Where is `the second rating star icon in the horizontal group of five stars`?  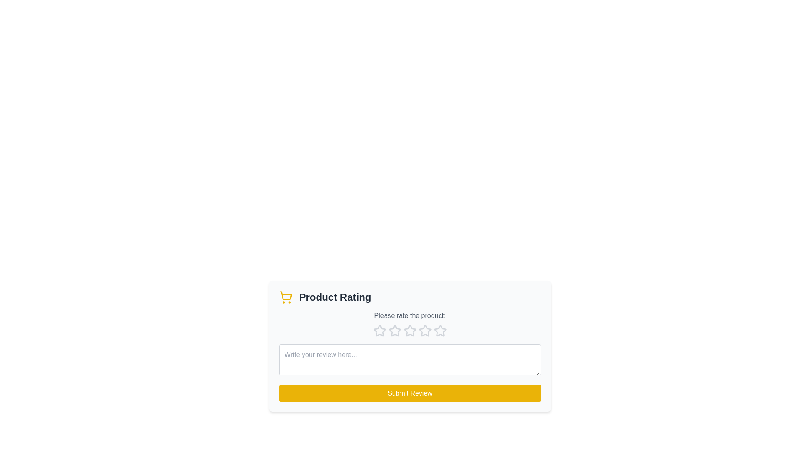
the second rating star icon in the horizontal group of five stars is located at coordinates (394, 330).